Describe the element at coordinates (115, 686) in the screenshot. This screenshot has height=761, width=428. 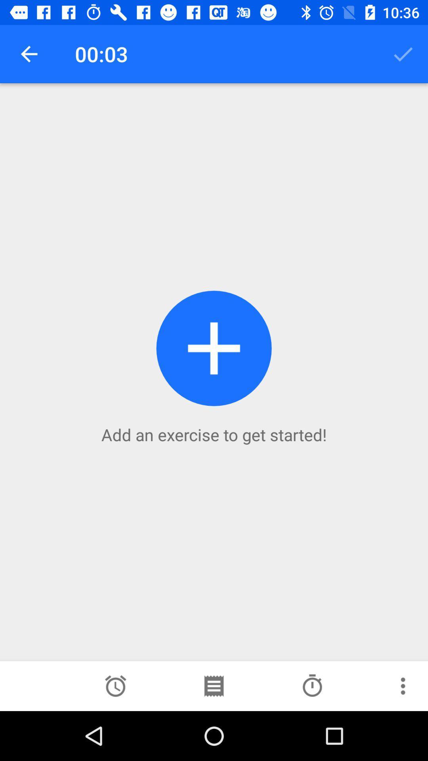
I see `timer option` at that location.